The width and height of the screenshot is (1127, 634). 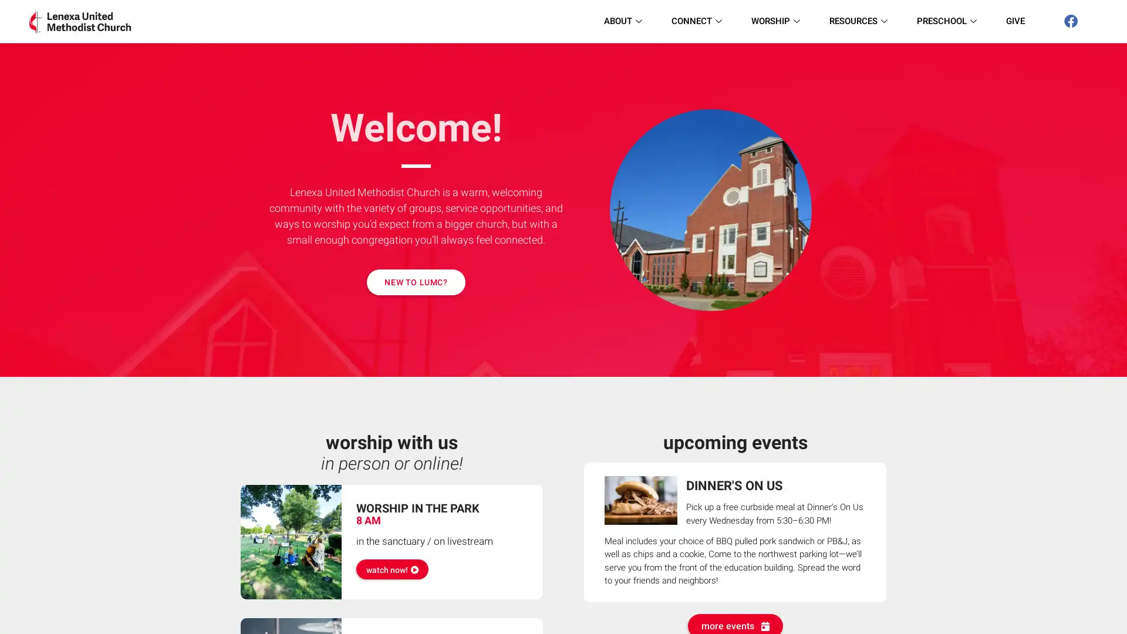 What do you see at coordinates (416, 281) in the screenshot?
I see `NEW TO LUMC?` at bounding box center [416, 281].